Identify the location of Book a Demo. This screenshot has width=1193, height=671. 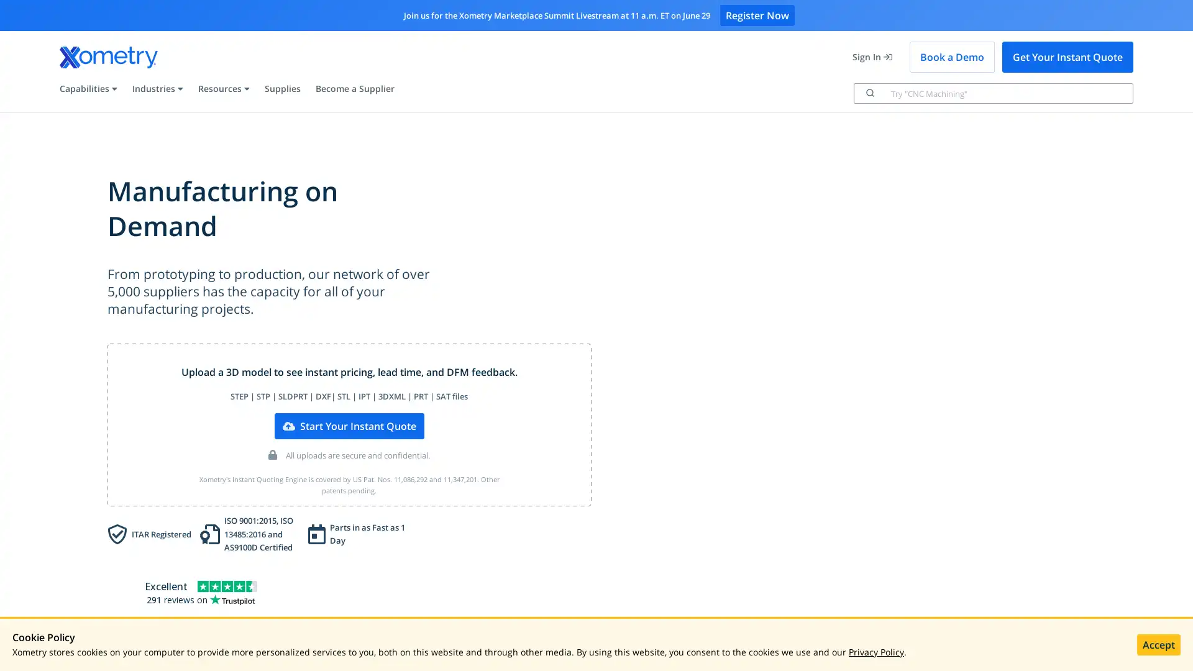
(951, 57).